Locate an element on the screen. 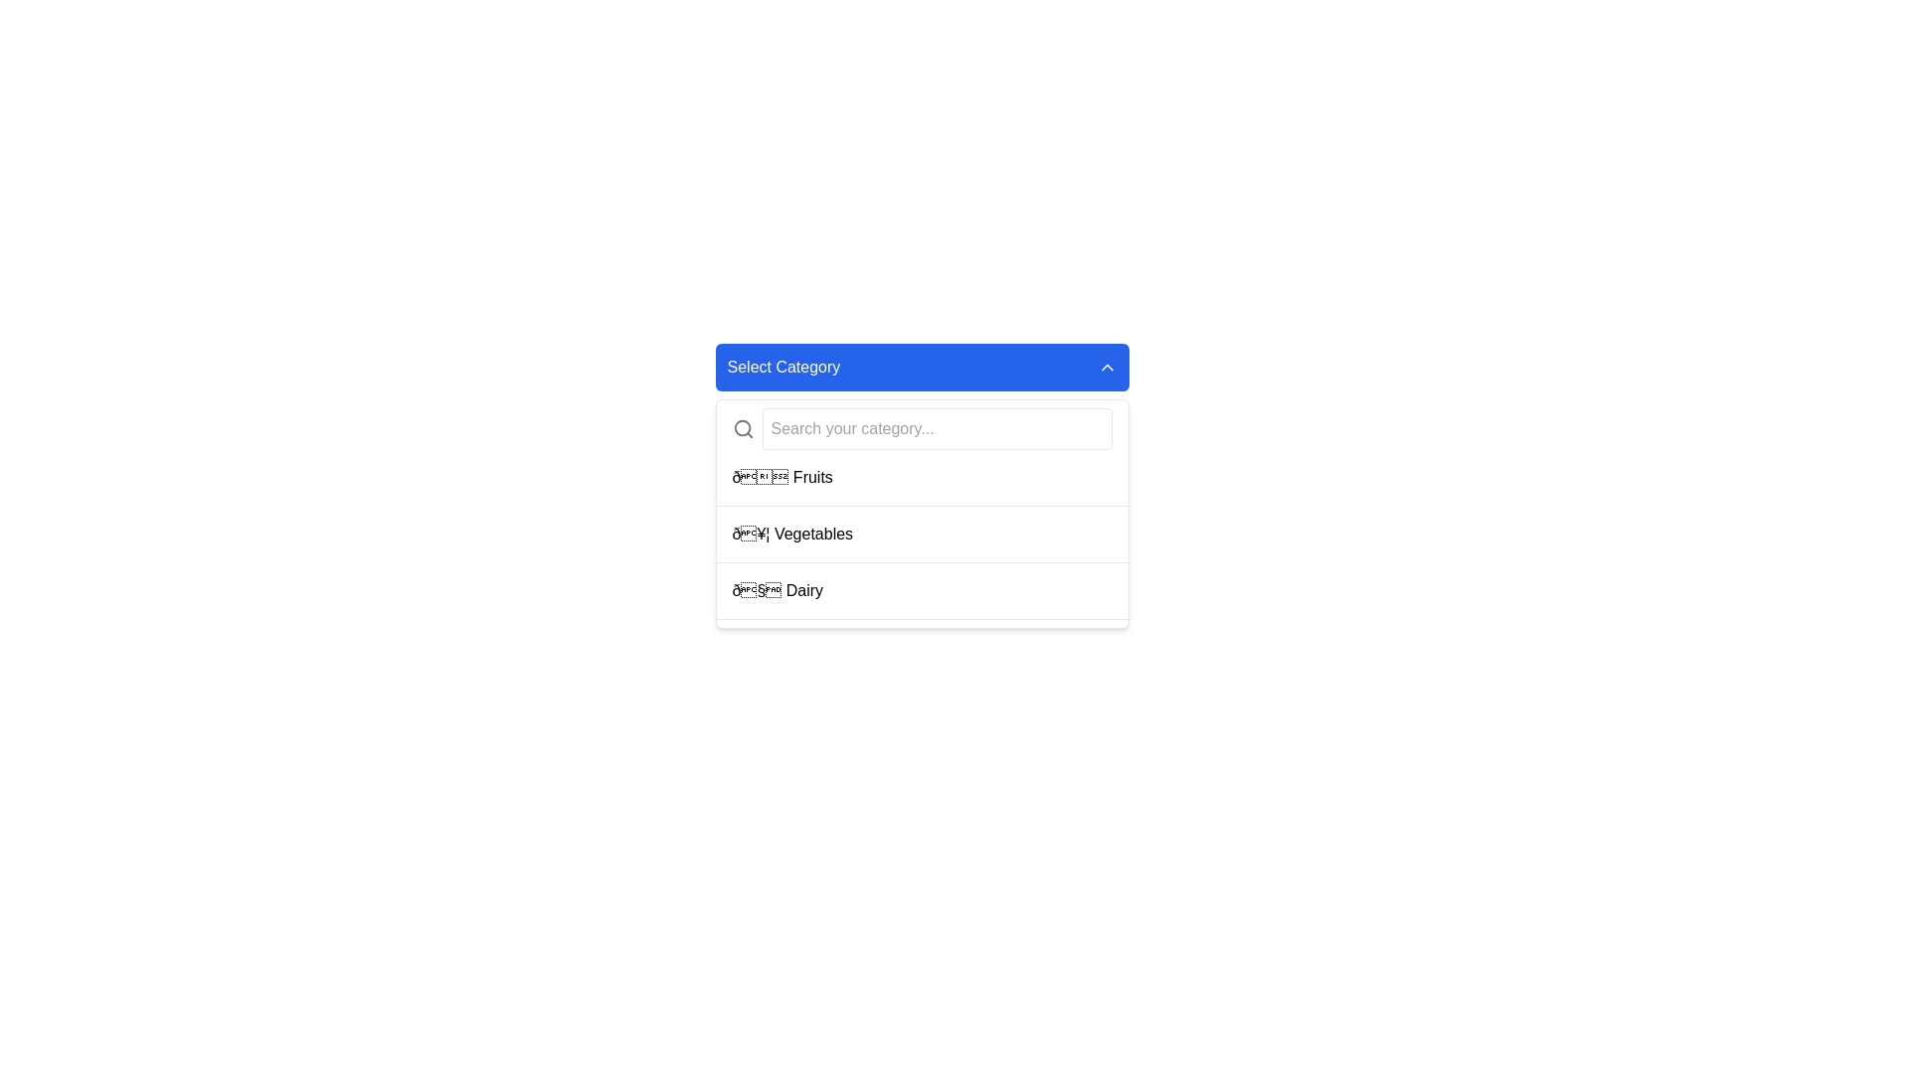 The width and height of the screenshot is (1909, 1073). the magnifying glass search icon located inside the 'Select Category' dropdown is located at coordinates (742, 428).